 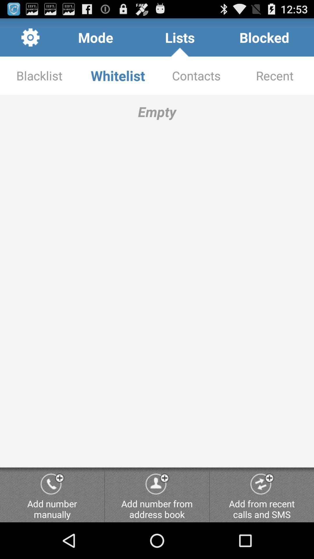 What do you see at coordinates (180, 37) in the screenshot?
I see `item next to the mode` at bounding box center [180, 37].